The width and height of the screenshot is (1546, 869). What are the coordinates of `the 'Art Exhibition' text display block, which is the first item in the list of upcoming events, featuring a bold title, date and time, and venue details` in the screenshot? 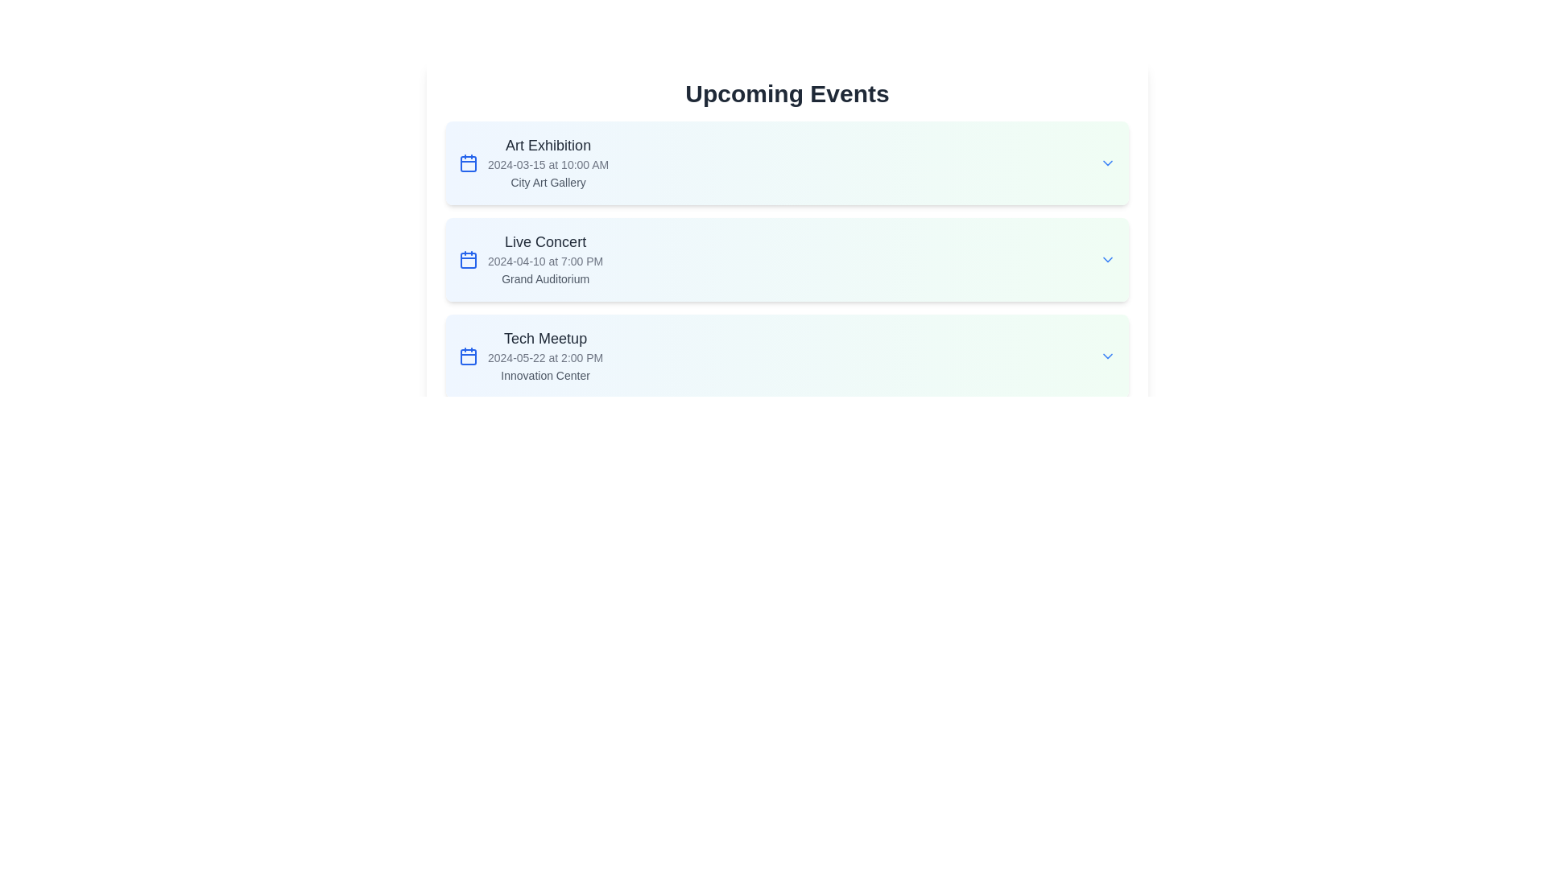 It's located at (548, 163).